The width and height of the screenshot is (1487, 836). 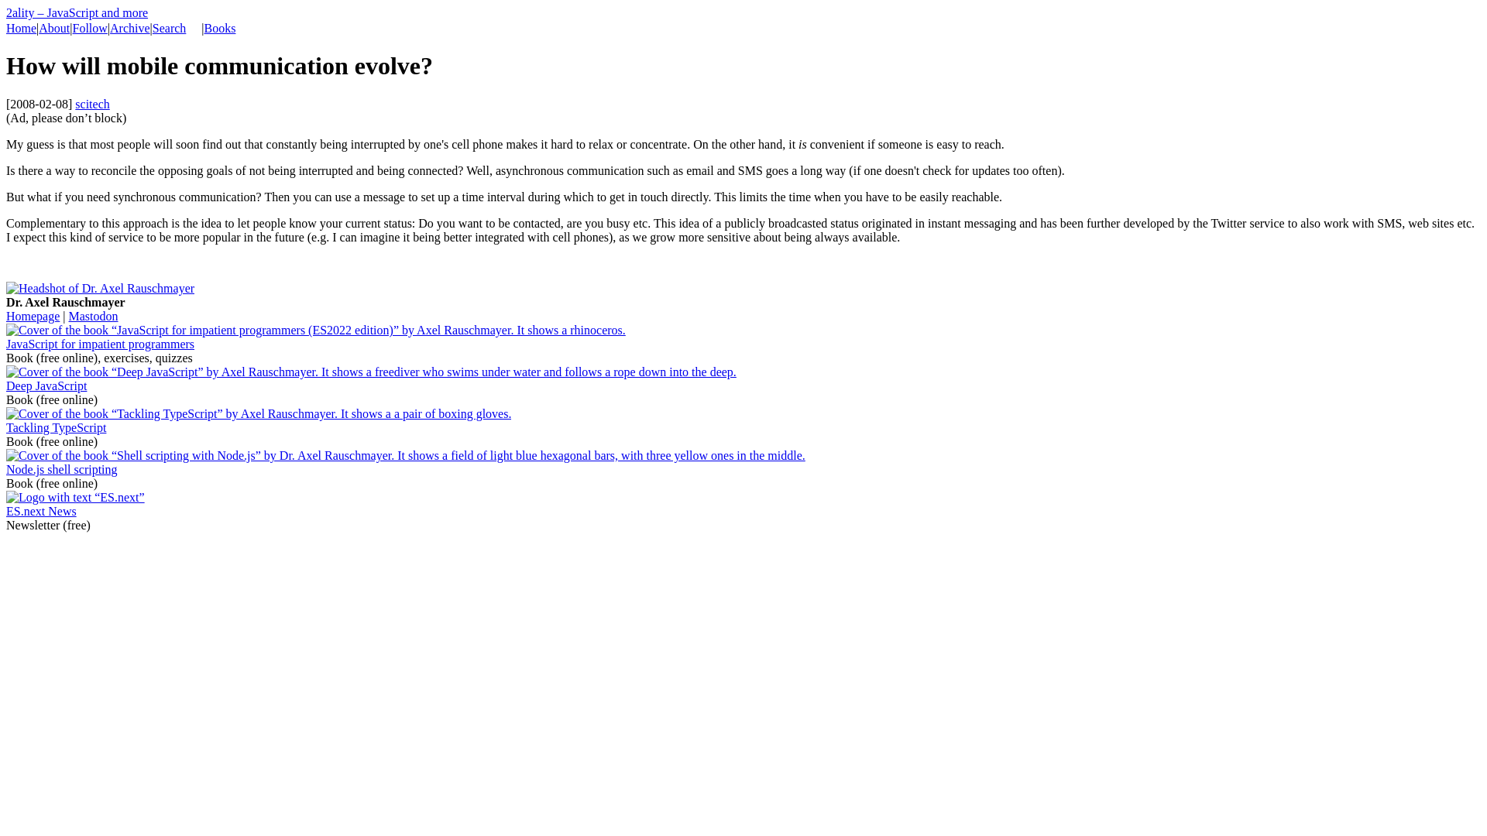 What do you see at coordinates (56, 427) in the screenshot?
I see `'Tackling TypeScript'` at bounding box center [56, 427].